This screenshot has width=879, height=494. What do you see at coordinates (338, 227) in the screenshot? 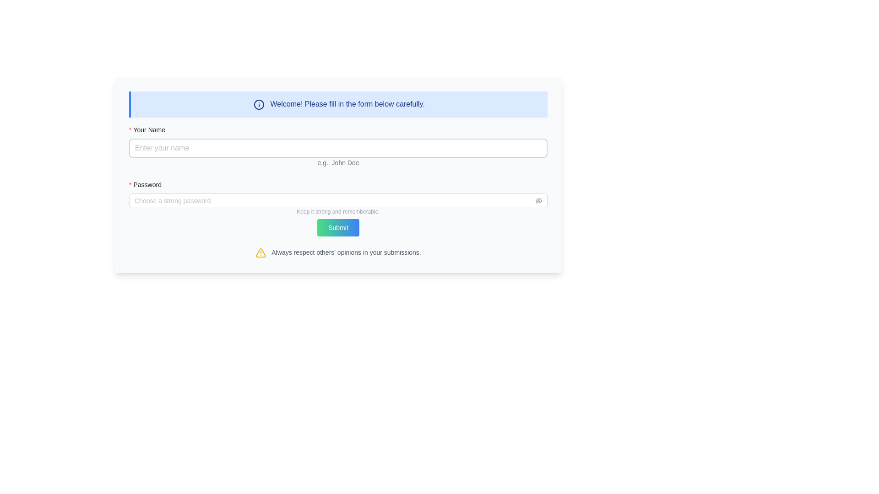
I see `the 'Submit' button with a gradient background transitioning from green to blue, which is located below the 'Password' input field` at bounding box center [338, 227].